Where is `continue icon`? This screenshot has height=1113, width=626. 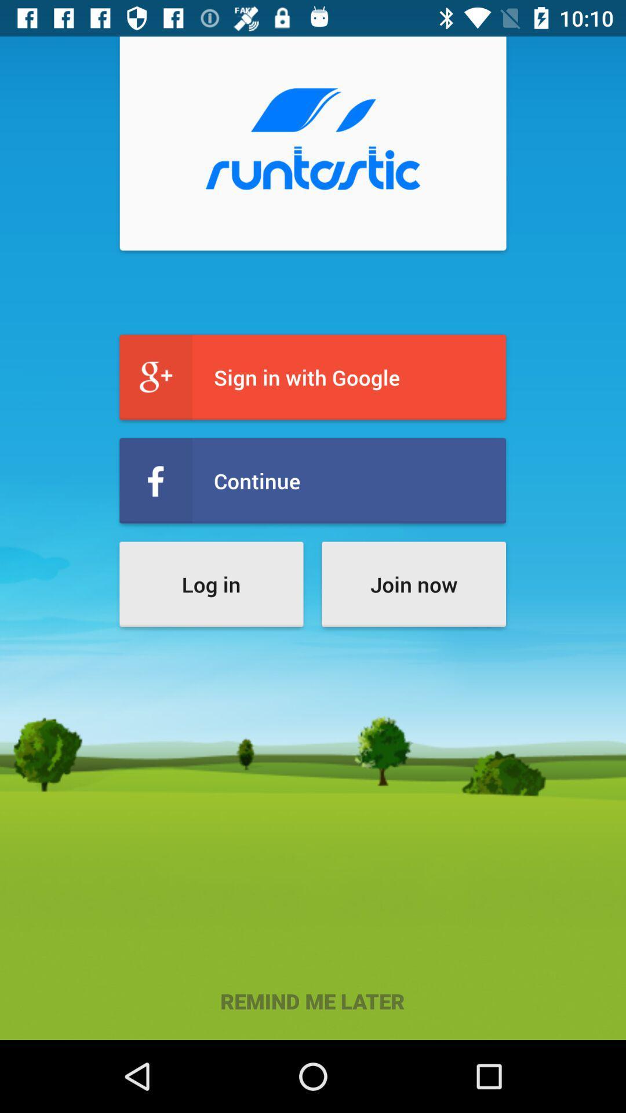
continue icon is located at coordinates (312, 481).